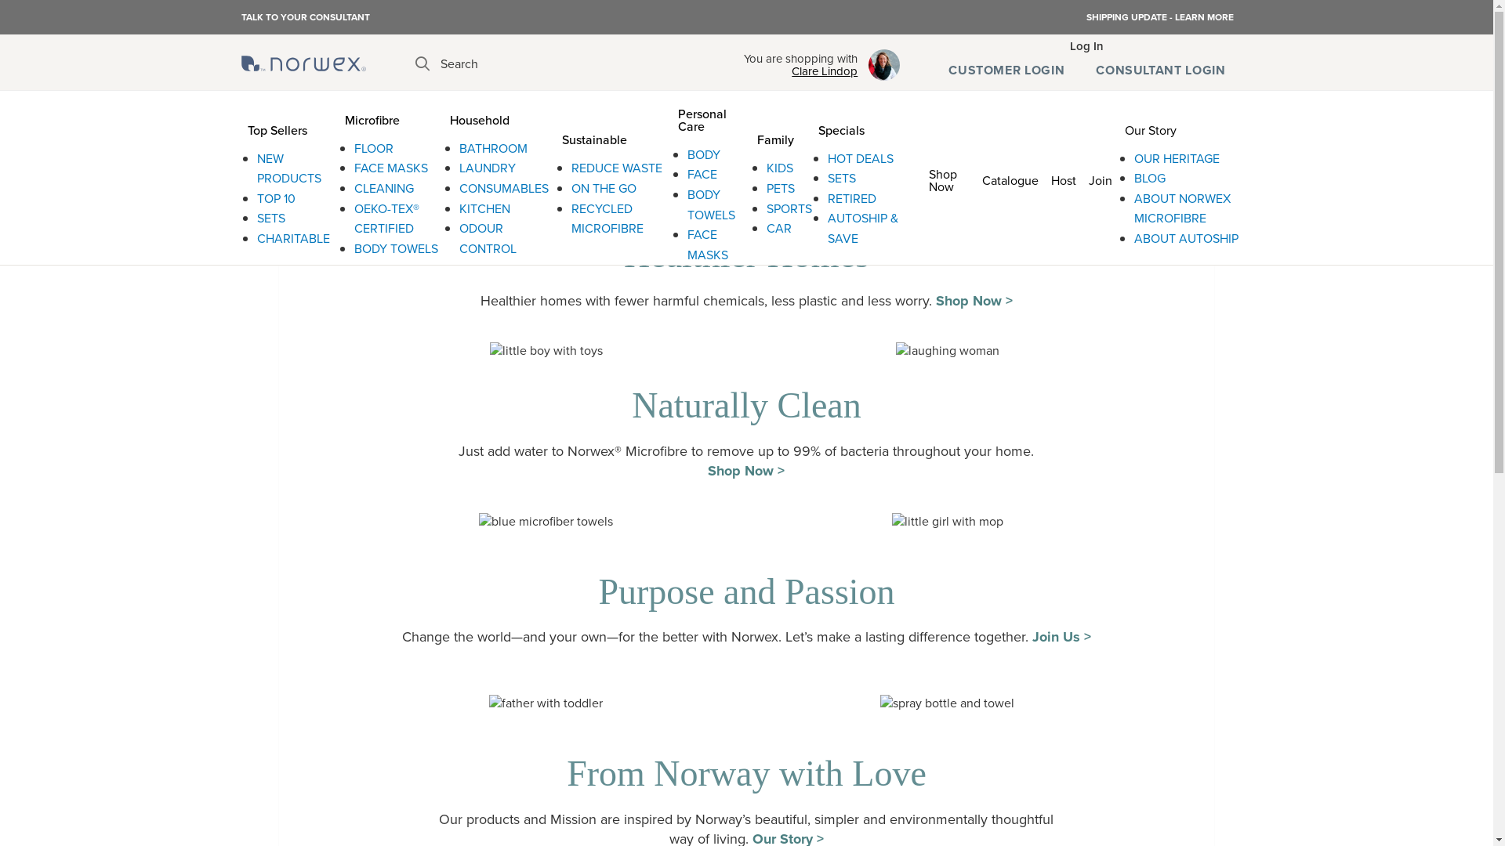  What do you see at coordinates (974, 301) in the screenshot?
I see `'Shop Now >'` at bounding box center [974, 301].